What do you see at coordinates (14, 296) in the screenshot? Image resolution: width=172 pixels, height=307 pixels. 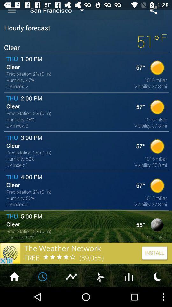 I see `the home icon` at bounding box center [14, 296].